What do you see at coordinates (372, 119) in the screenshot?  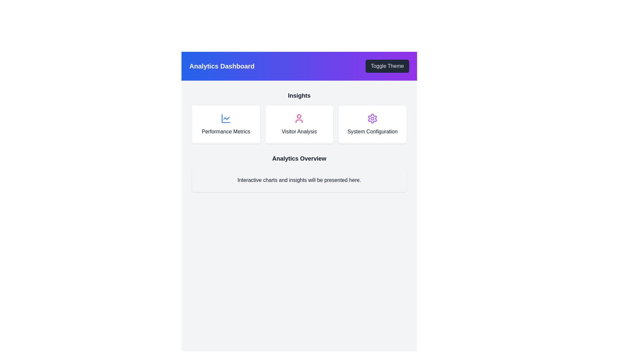 I see `the gear-shaped icon located in the third card under 'Insights' labeled 'System Configuration'` at bounding box center [372, 119].